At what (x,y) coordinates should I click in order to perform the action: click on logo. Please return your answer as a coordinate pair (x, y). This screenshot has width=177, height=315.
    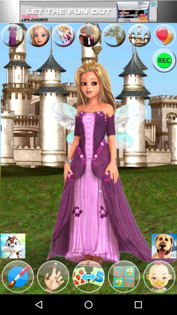
    Looking at the image, I should click on (159, 276).